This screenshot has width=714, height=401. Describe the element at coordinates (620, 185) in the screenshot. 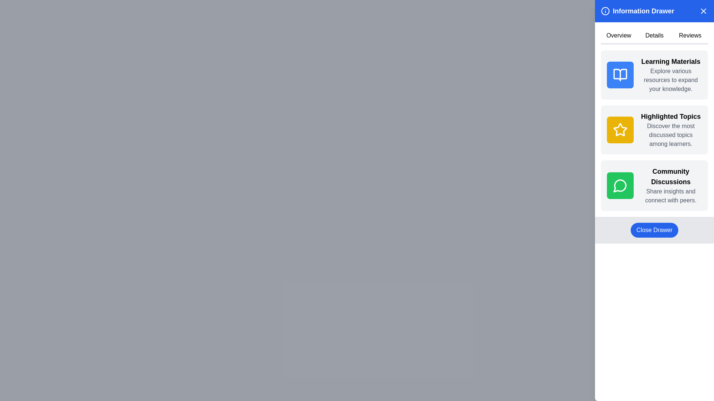

I see `the Icon button representing the 'Community Discussions' section to associate it with the textual content 'Share insights and connect with peers.'` at that location.